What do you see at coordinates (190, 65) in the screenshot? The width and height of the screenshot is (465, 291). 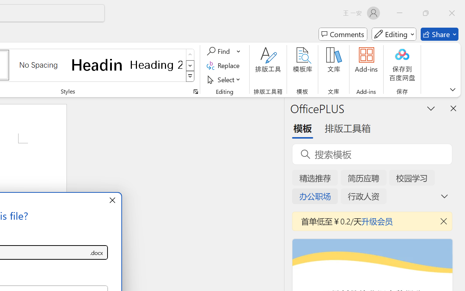 I see `'Row Down'` at bounding box center [190, 65].